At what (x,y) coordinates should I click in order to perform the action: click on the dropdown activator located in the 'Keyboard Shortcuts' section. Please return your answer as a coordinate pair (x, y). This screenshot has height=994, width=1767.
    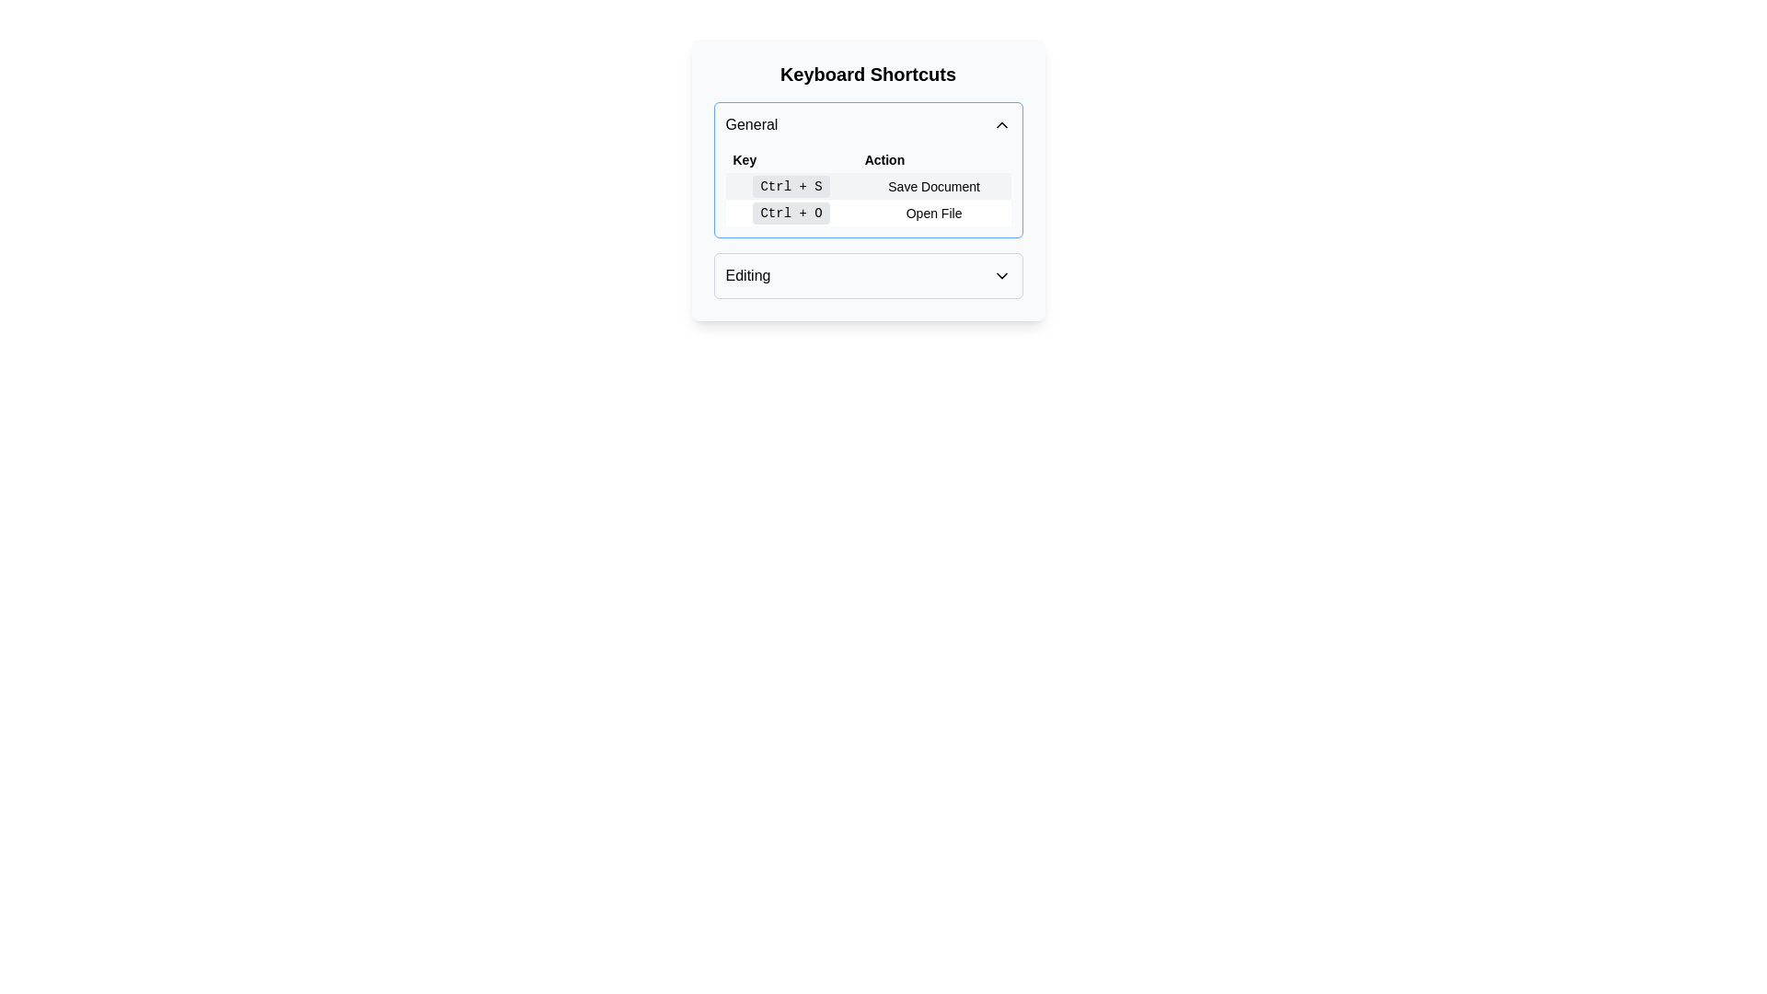
    Looking at the image, I should click on (867, 276).